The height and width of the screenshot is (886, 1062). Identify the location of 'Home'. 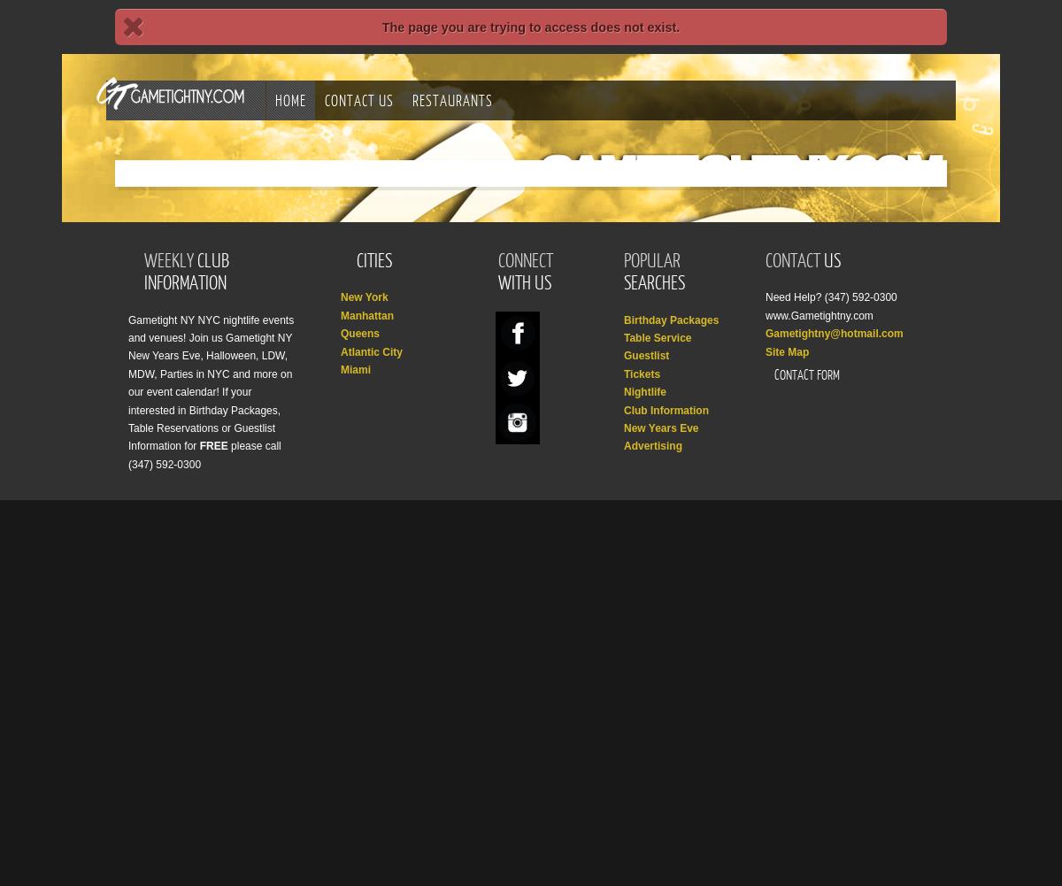
(290, 99).